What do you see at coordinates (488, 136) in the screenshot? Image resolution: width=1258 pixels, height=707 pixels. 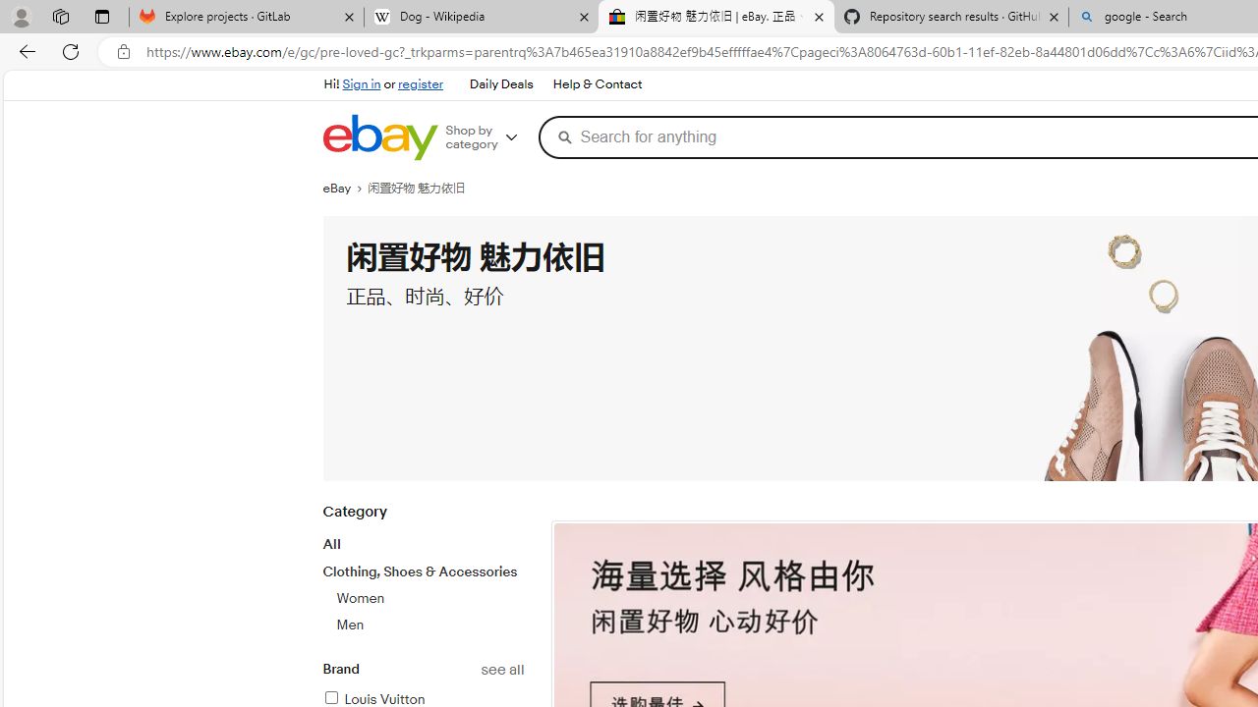 I see `'Shop by category'` at bounding box center [488, 136].